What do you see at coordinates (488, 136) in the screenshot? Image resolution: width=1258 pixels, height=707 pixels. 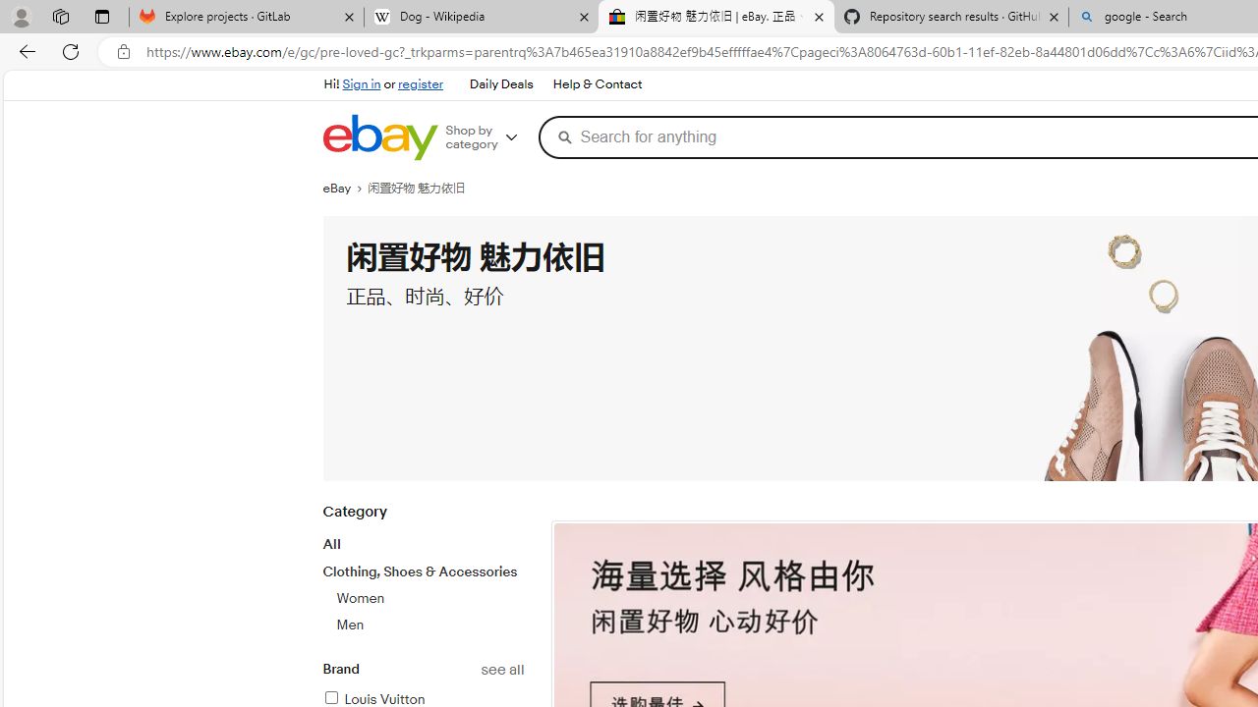 I see `'Shop by category'` at bounding box center [488, 136].